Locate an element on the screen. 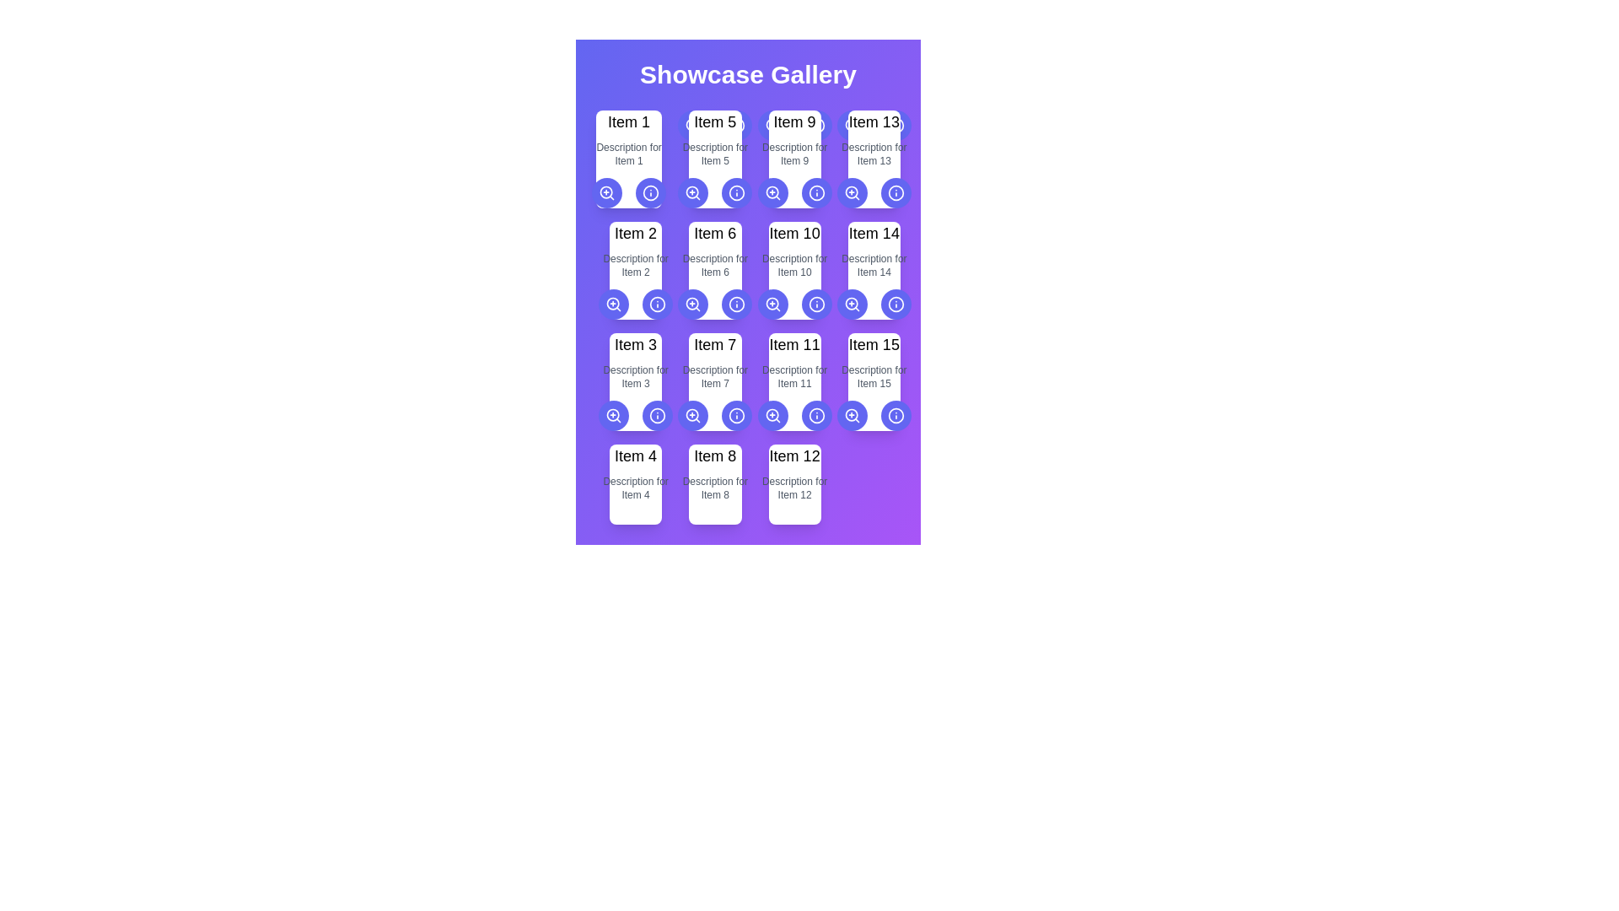 This screenshot has width=1619, height=911. the Text element providing additional descriptive information for Item 3, located directly below the title 'Item 3' in the grid layout is located at coordinates (635, 376).